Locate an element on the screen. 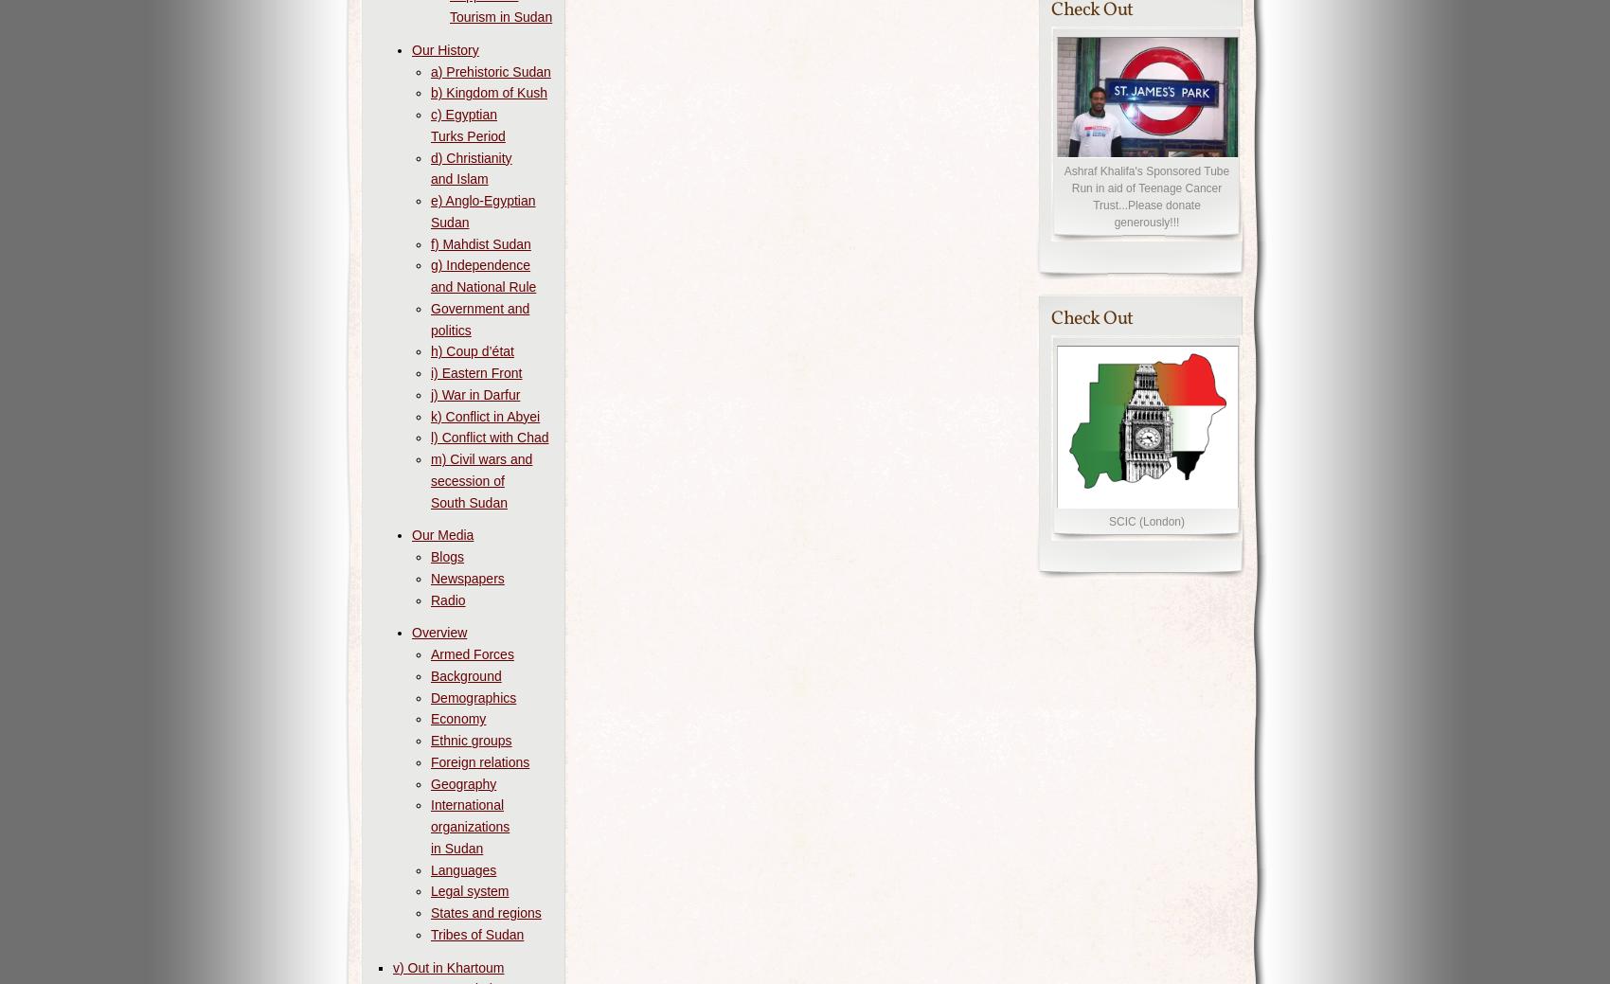  'Foreign relations' is located at coordinates (430, 760).